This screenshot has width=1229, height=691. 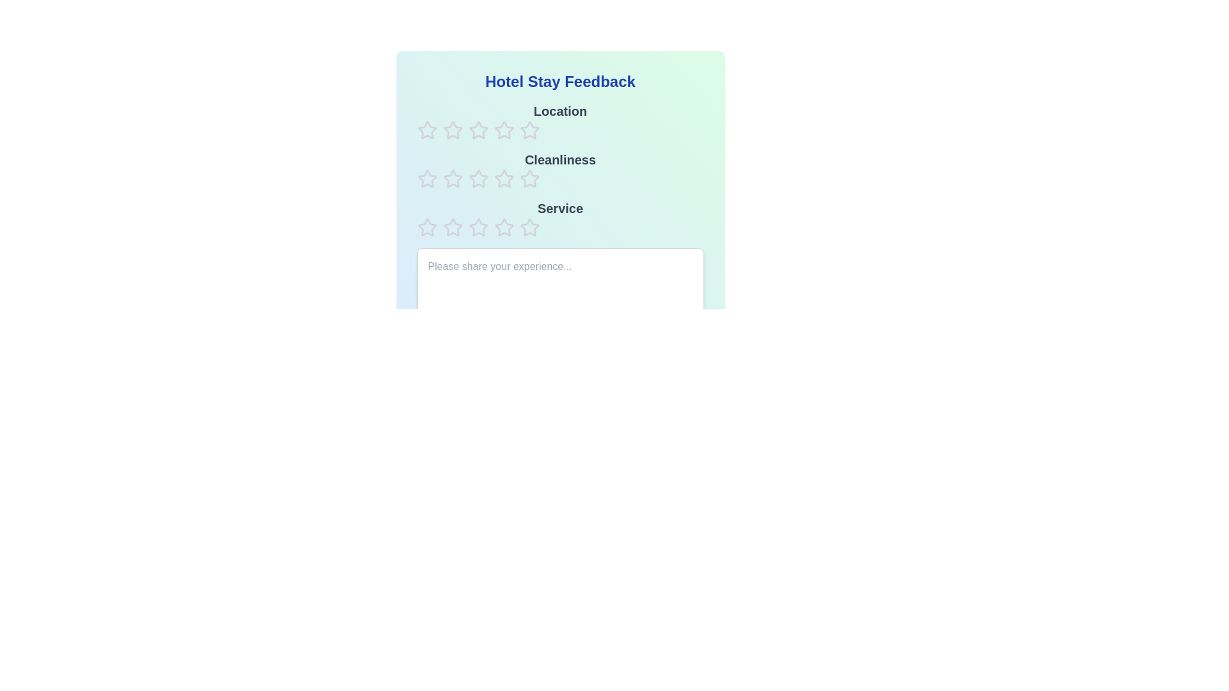 I want to click on the first star in the 'Cleanliness' rating row, so click(x=427, y=179).